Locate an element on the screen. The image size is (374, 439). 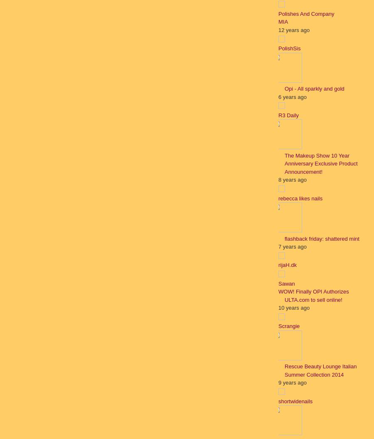
'6 years ago' is located at coordinates (292, 96).